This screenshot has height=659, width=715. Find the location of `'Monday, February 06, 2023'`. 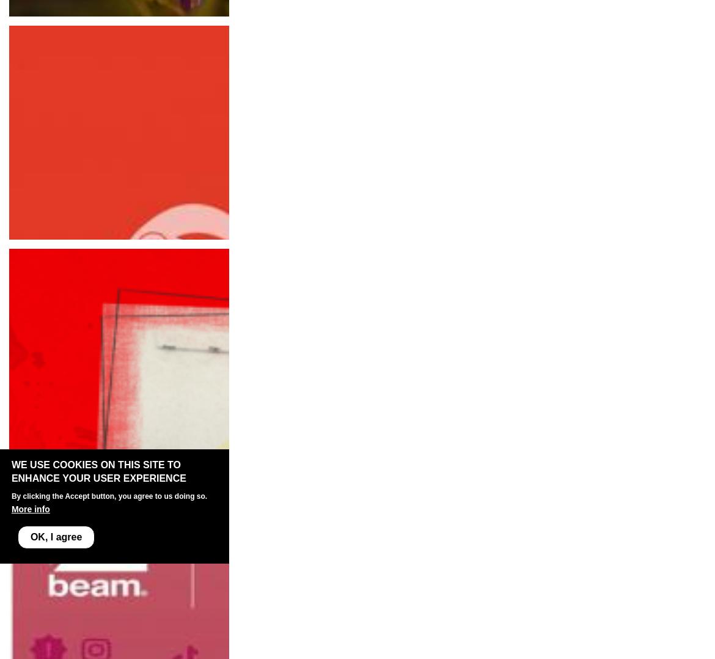

'Monday, February 06, 2023' is located at coordinates (68, 462).